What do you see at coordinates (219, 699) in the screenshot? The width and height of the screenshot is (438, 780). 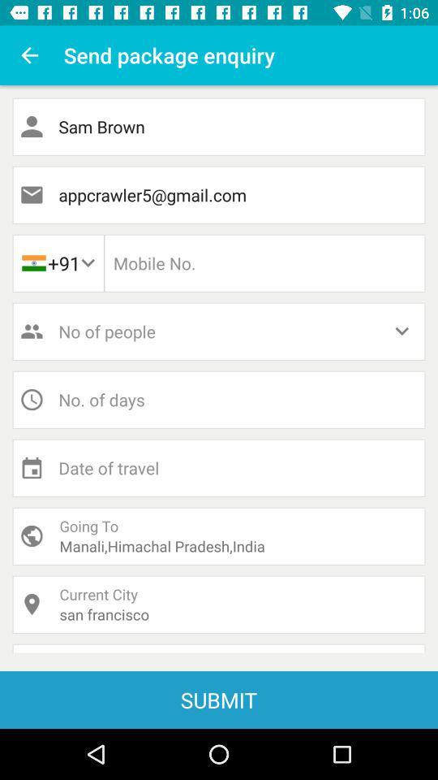 I see `submit icon` at bounding box center [219, 699].